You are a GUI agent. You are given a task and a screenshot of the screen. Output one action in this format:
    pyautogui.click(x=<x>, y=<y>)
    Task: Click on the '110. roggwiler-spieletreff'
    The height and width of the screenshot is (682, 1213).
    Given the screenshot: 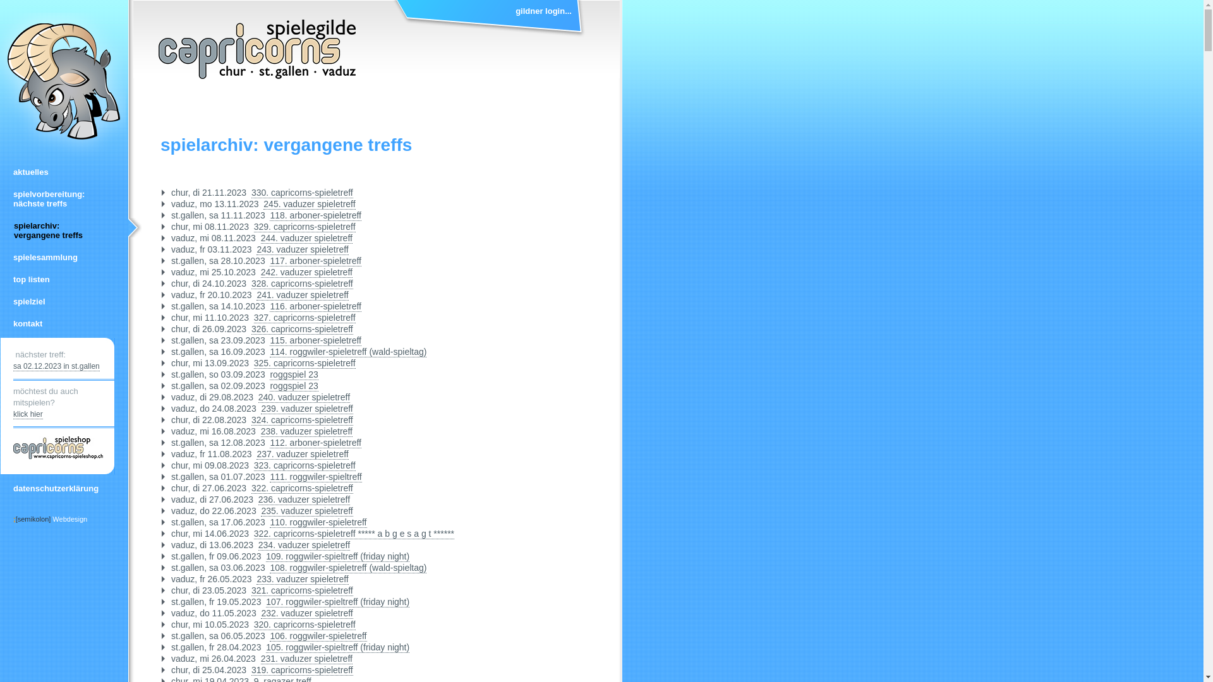 What is the action you would take?
    pyautogui.click(x=318, y=522)
    